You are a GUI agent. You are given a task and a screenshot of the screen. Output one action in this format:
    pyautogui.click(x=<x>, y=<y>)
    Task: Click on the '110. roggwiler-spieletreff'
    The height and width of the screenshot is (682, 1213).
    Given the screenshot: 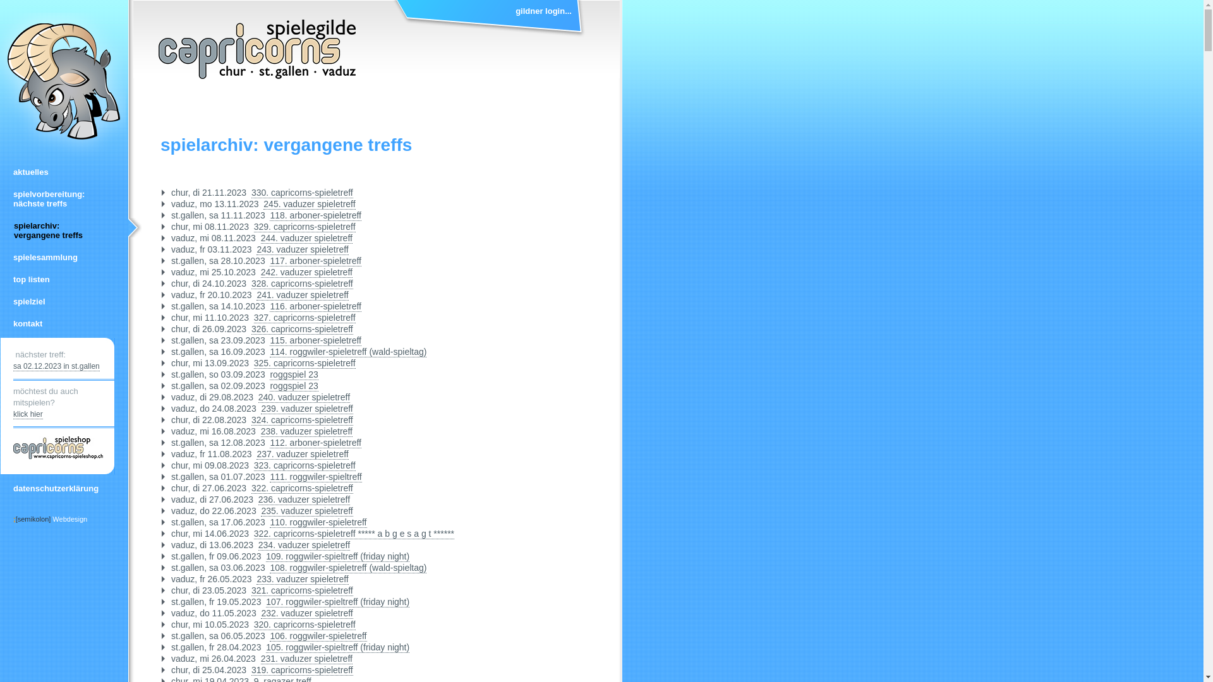 What is the action you would take?
    pyautogui.click(x=318, y=522)
    